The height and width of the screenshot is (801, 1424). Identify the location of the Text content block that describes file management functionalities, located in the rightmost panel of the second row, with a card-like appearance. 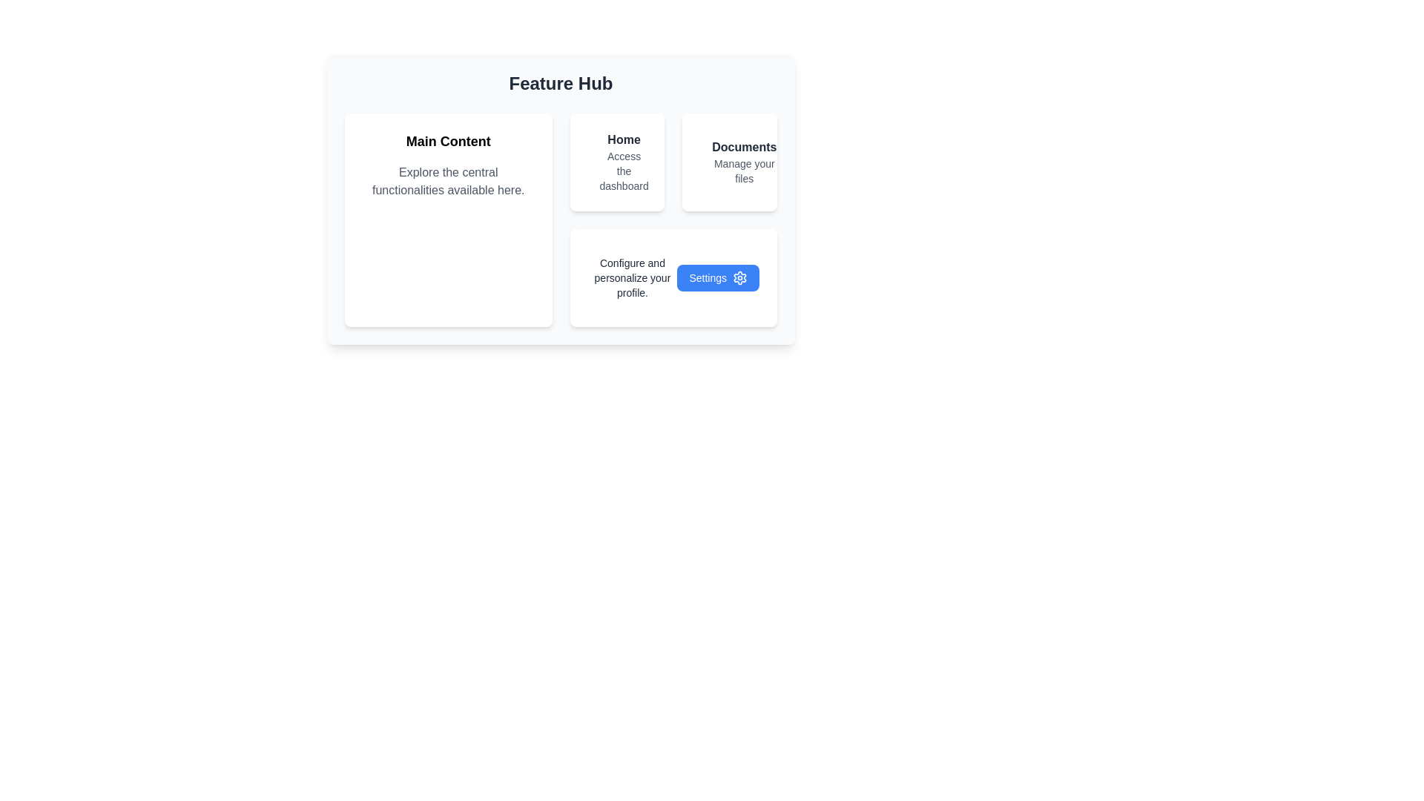
(744, 162).